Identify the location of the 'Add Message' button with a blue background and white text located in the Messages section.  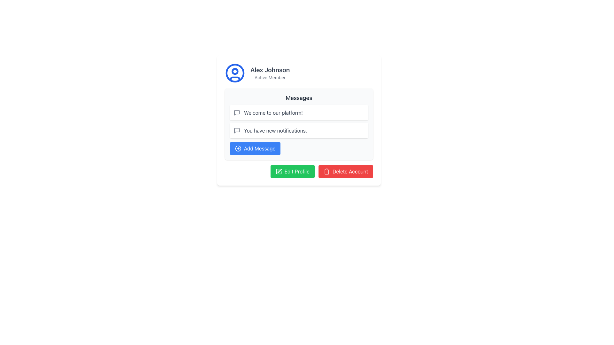
(255, 149).